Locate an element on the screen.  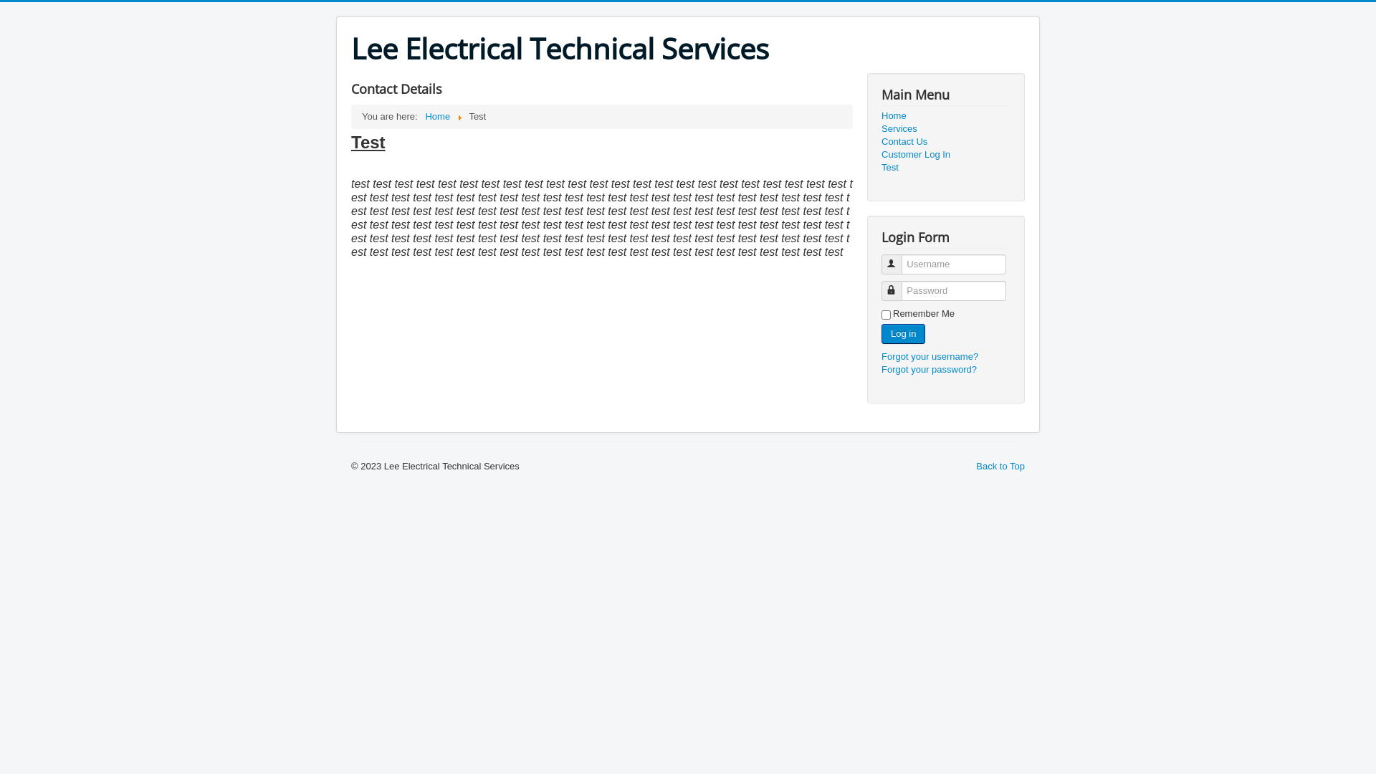
'Password' is located at coordinates (885, 290).